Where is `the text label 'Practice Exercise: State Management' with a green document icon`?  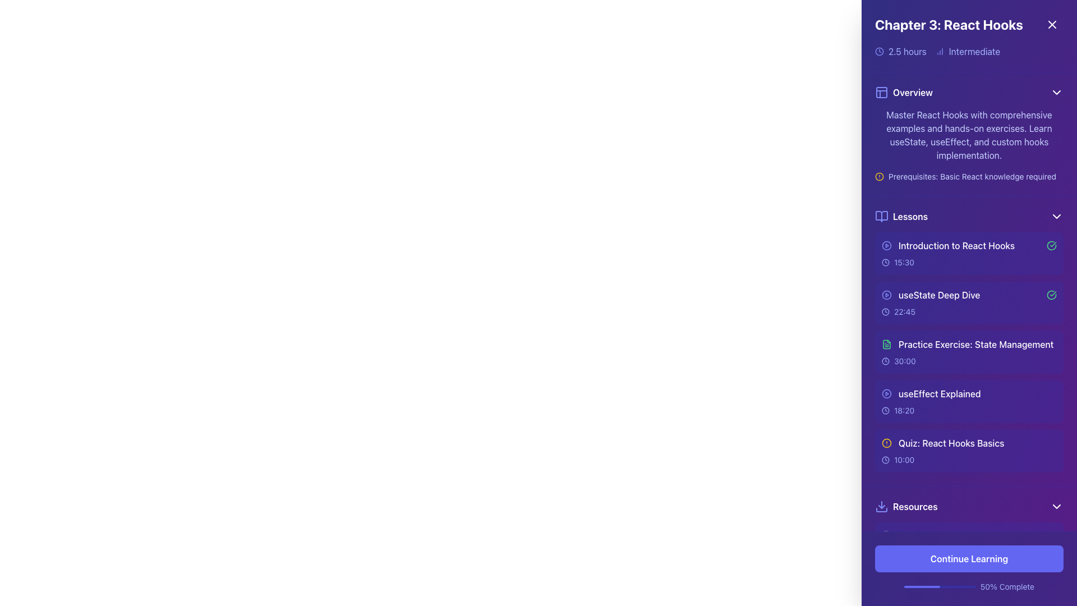 the text label 'Practice Exercise: State Management' with a green document icon is located at coordinates (969, 343).